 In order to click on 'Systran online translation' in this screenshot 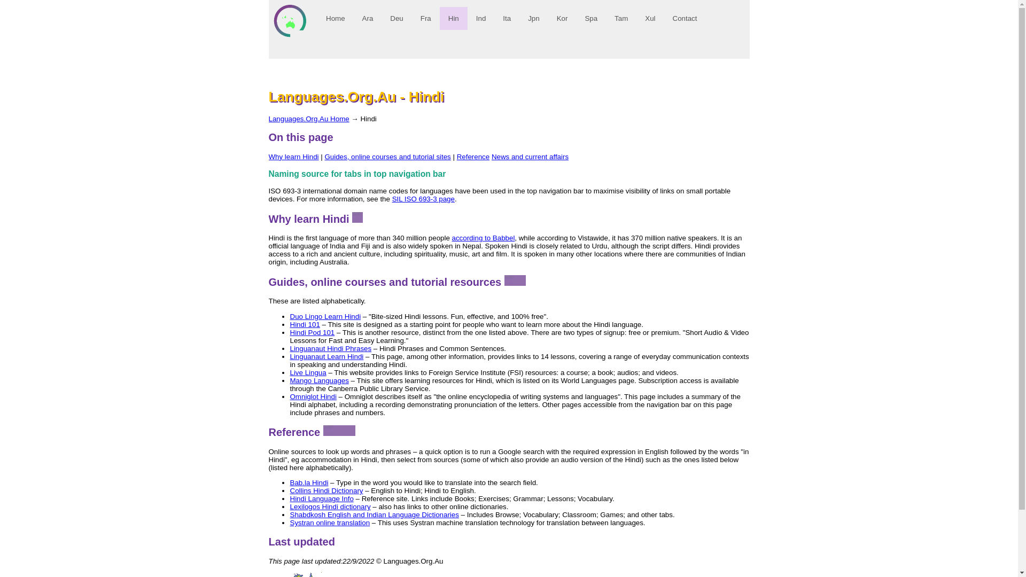, I will do `click(290, 522)`.